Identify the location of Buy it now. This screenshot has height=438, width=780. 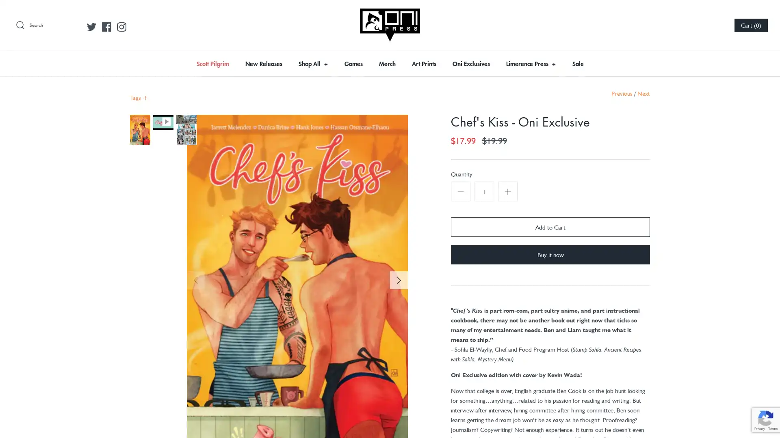
(550, 254).